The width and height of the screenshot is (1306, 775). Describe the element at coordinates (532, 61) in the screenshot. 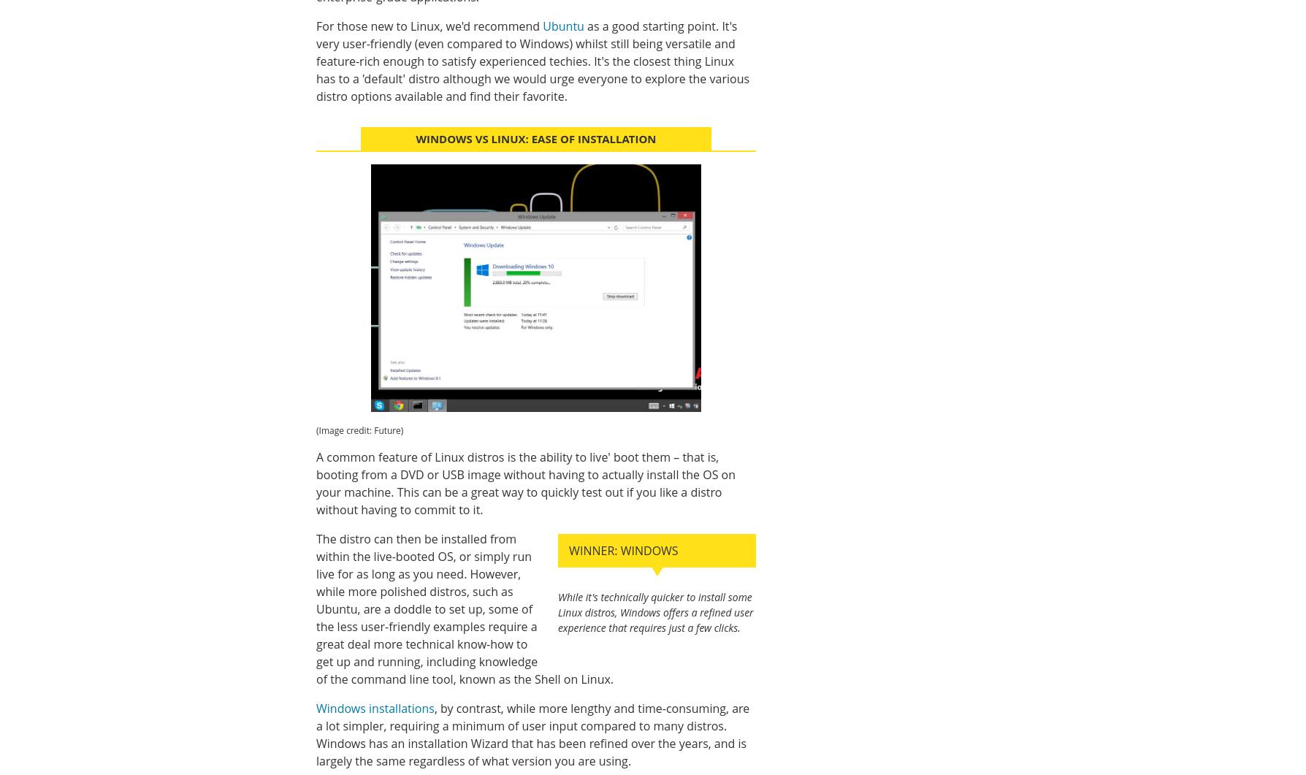

I see `'as a good starting point. It's very user-friendly (even compared to Windows) whilst still being versatile and feature-rich enough to satisfy experienced techies. It's the closest thing Linux has to a 'default' distro although we would urge everyone to explore the various distro options available and find their favorite.'` at that location.